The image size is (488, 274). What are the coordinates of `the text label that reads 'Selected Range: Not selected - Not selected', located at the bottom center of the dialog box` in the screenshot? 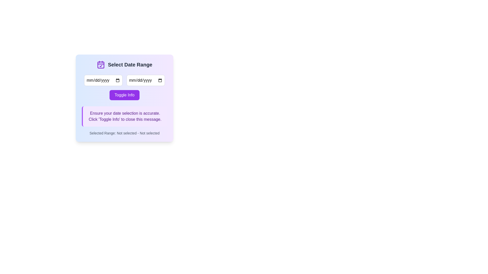 It's located at (124, 133).